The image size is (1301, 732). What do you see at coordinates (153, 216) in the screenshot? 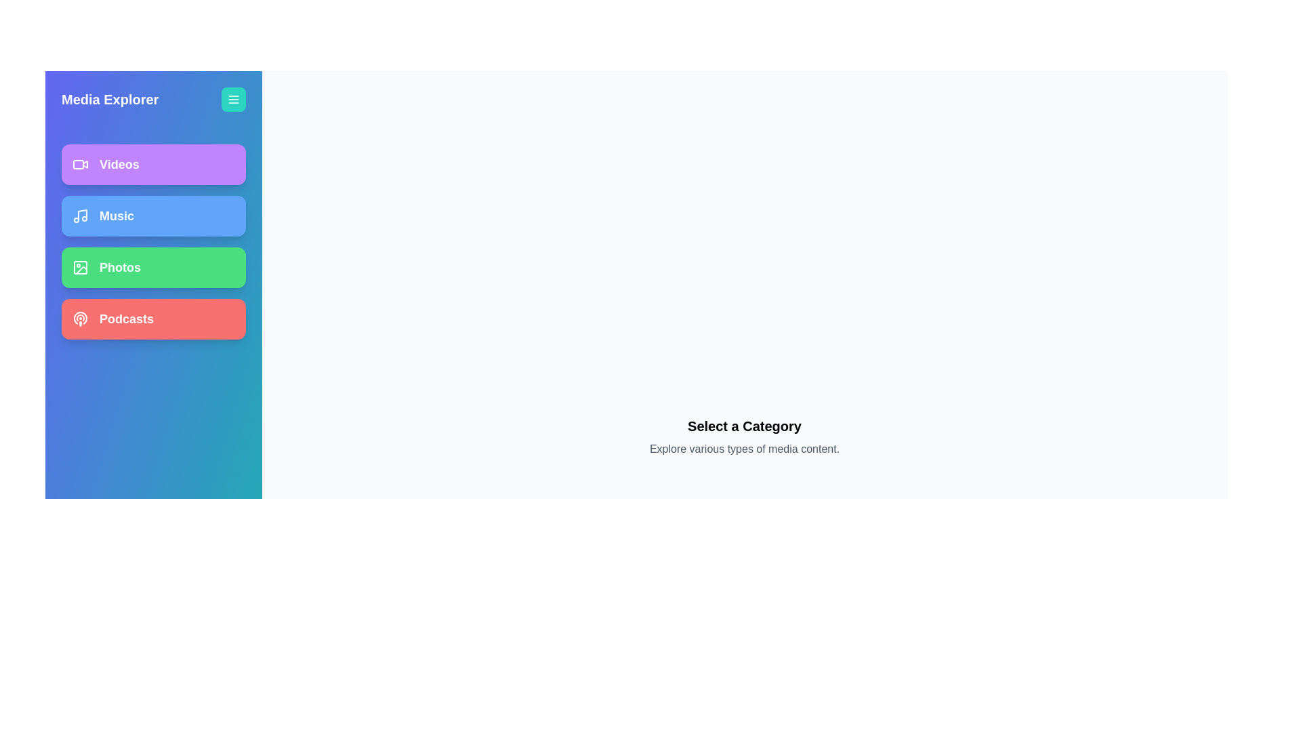
I see `the media category Music` at bounding box center [153, 216].